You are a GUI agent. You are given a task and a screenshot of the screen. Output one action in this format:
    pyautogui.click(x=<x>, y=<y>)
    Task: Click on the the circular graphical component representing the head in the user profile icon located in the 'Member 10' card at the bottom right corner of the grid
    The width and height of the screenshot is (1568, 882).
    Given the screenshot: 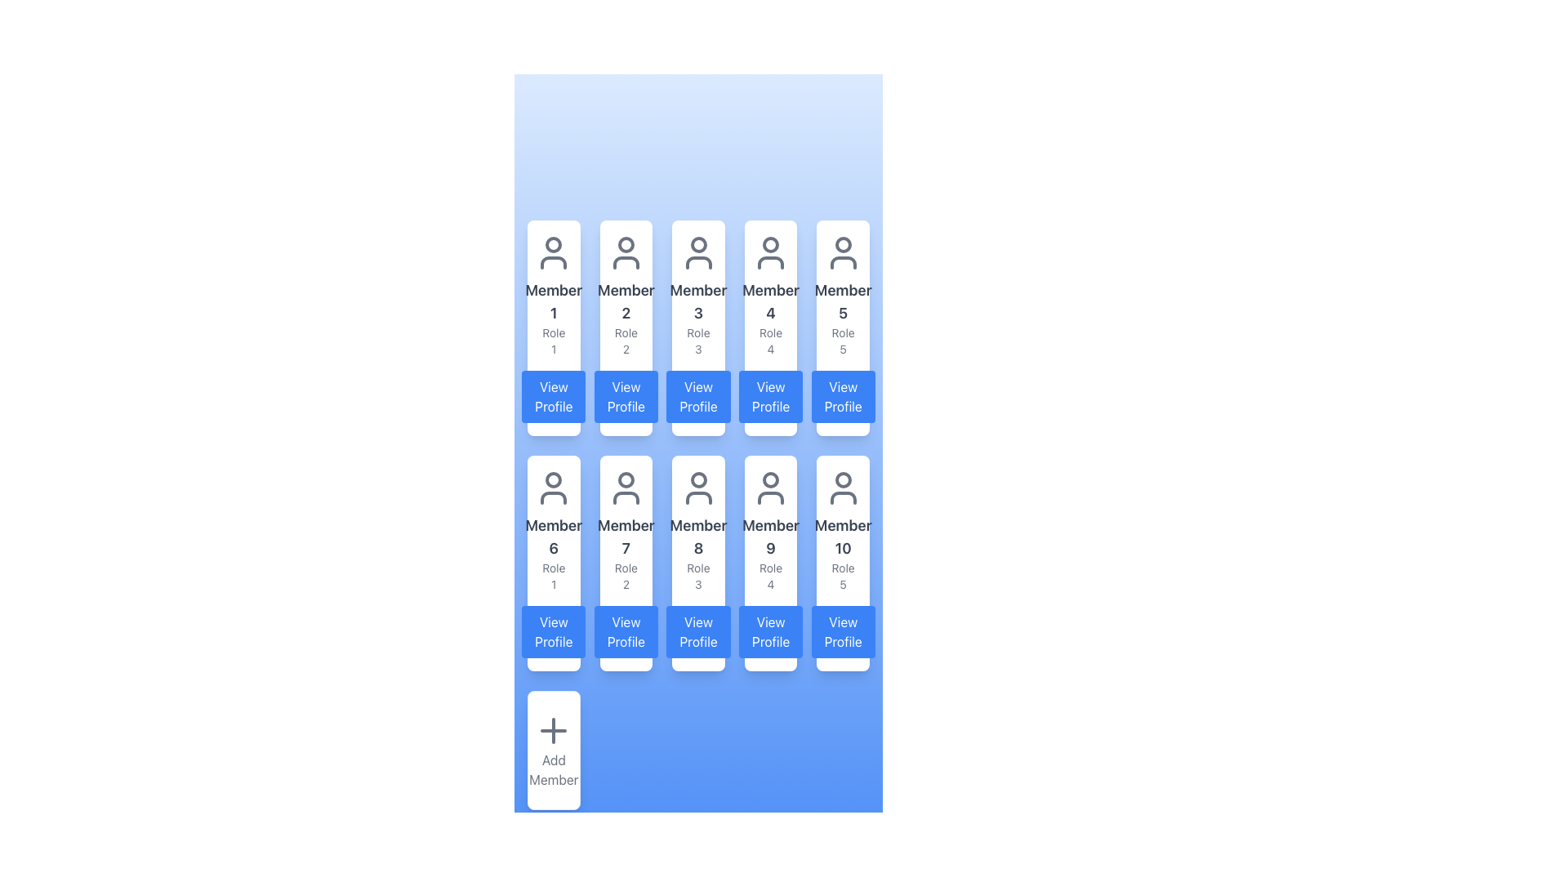 What is the action you would take?
    pyautogui.click(x=843, y=479)
    